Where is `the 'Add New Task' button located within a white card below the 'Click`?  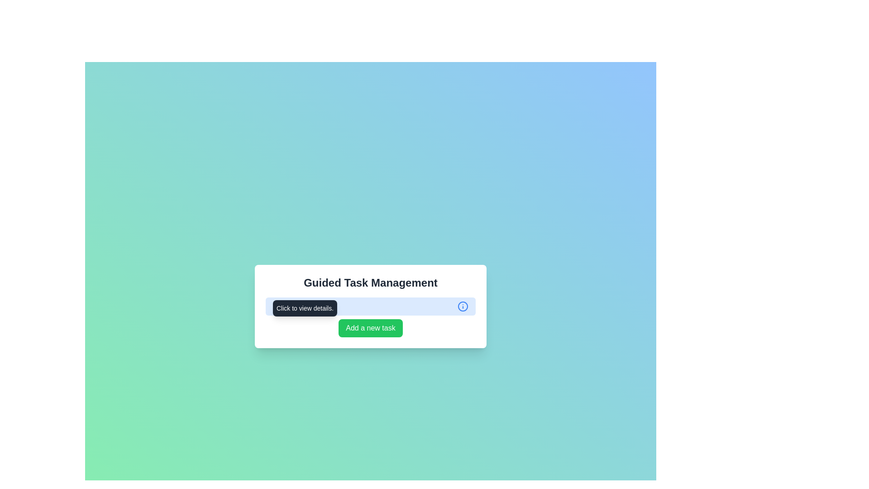
the 'Add New Task' button located within a white card below the 'Click is located at coordinates (371, 317).